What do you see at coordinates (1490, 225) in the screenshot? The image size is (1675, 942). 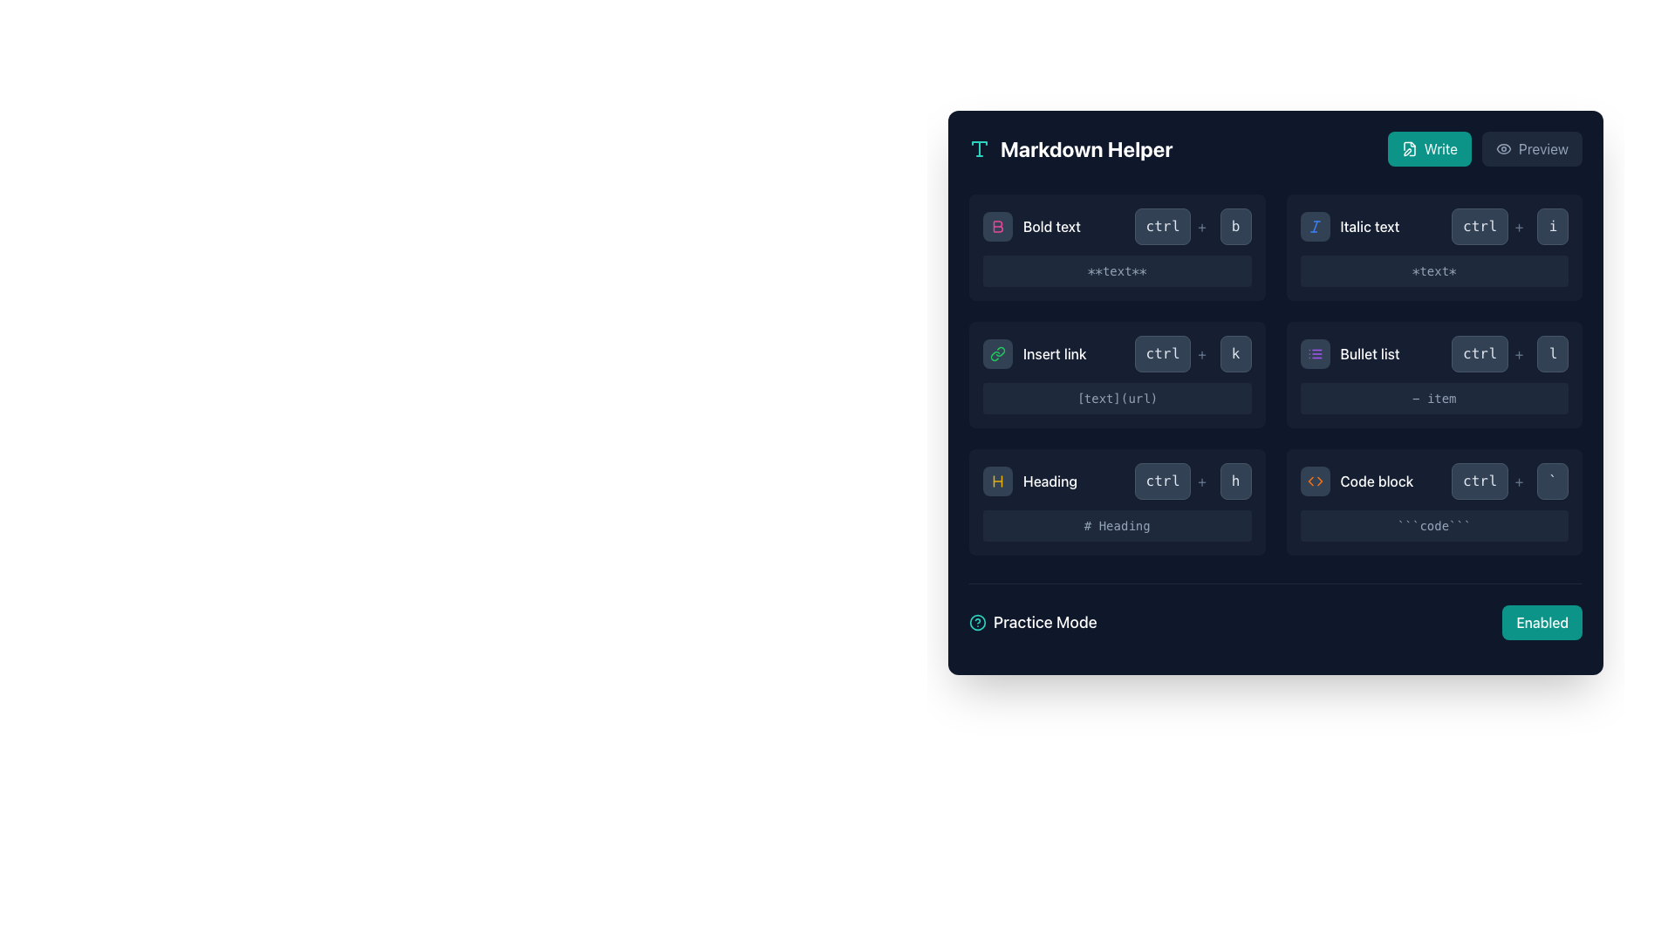 I see `the 'ctrl' key label, which is a small rectangular button with the word 'ctrl' in a monospaced font, styled with a dark background and lighter text, located in the top-right quadrant of the markdown helper interface` at bounding box center [1490, 225].